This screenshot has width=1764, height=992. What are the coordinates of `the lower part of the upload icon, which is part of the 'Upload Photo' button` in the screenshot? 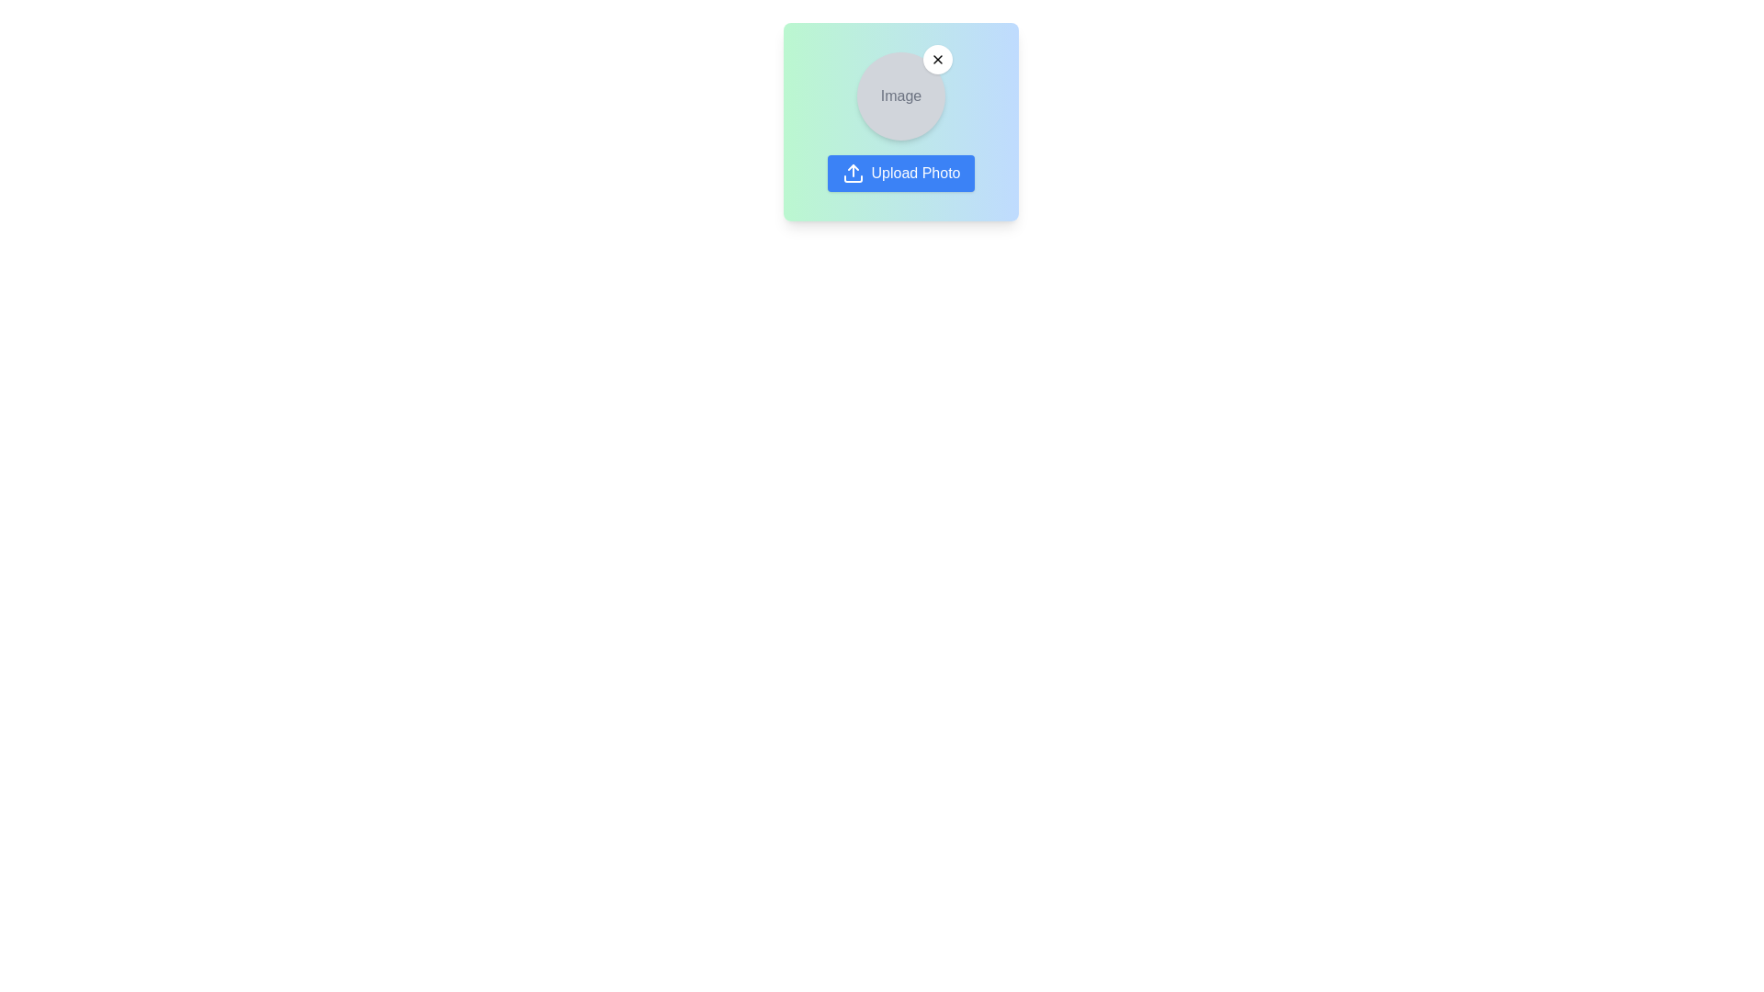 It's located at (852, 179).